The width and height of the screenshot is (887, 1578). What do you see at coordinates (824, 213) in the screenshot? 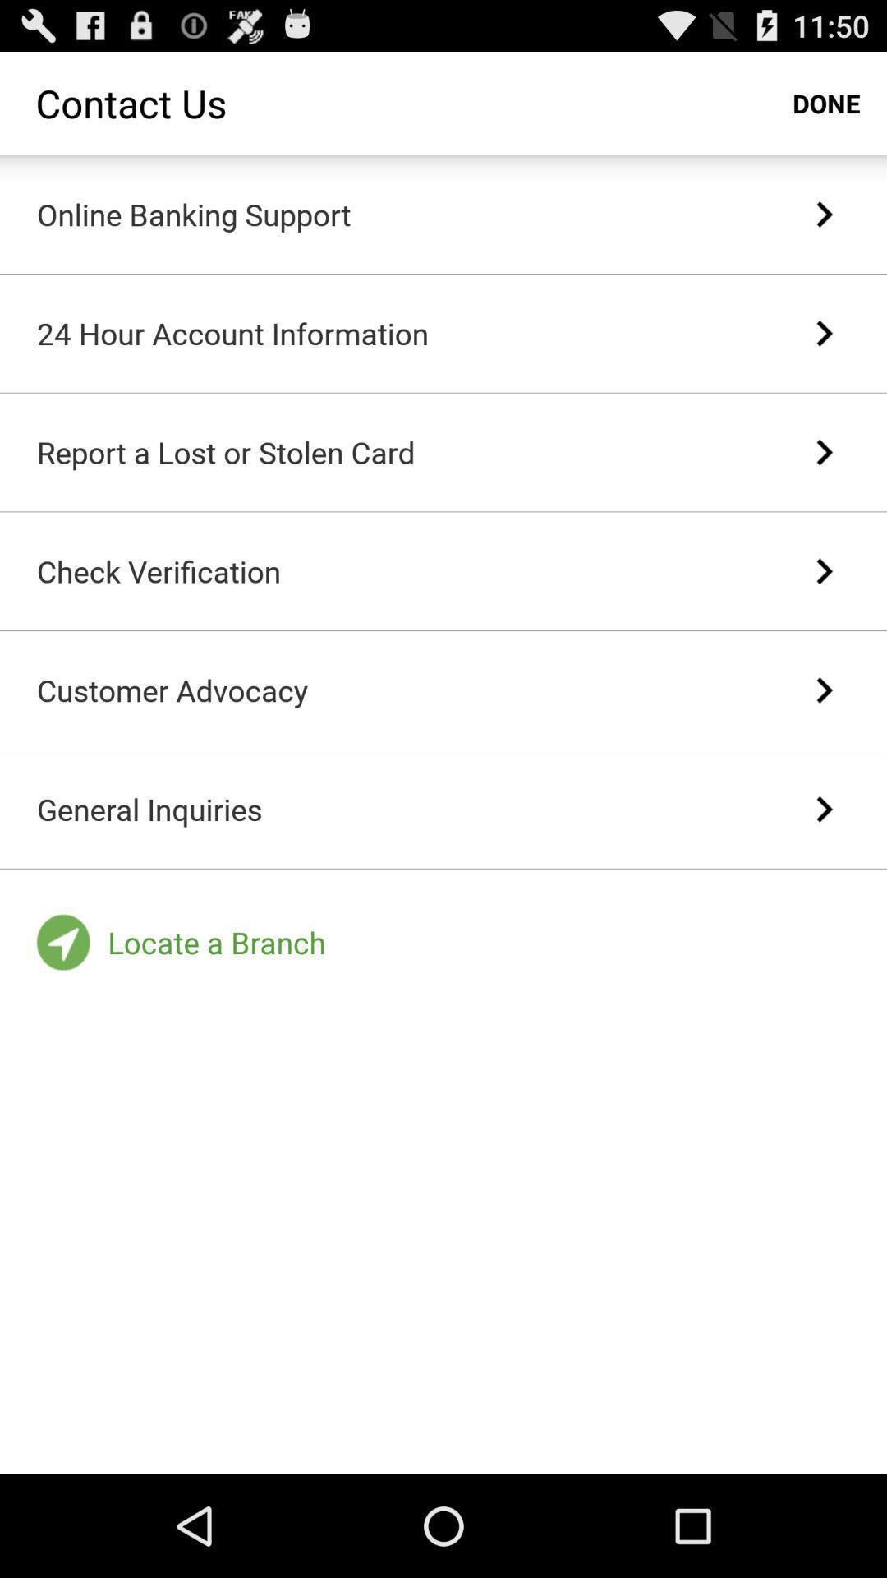
I see `item below done item` at bounding box center [824, 213].